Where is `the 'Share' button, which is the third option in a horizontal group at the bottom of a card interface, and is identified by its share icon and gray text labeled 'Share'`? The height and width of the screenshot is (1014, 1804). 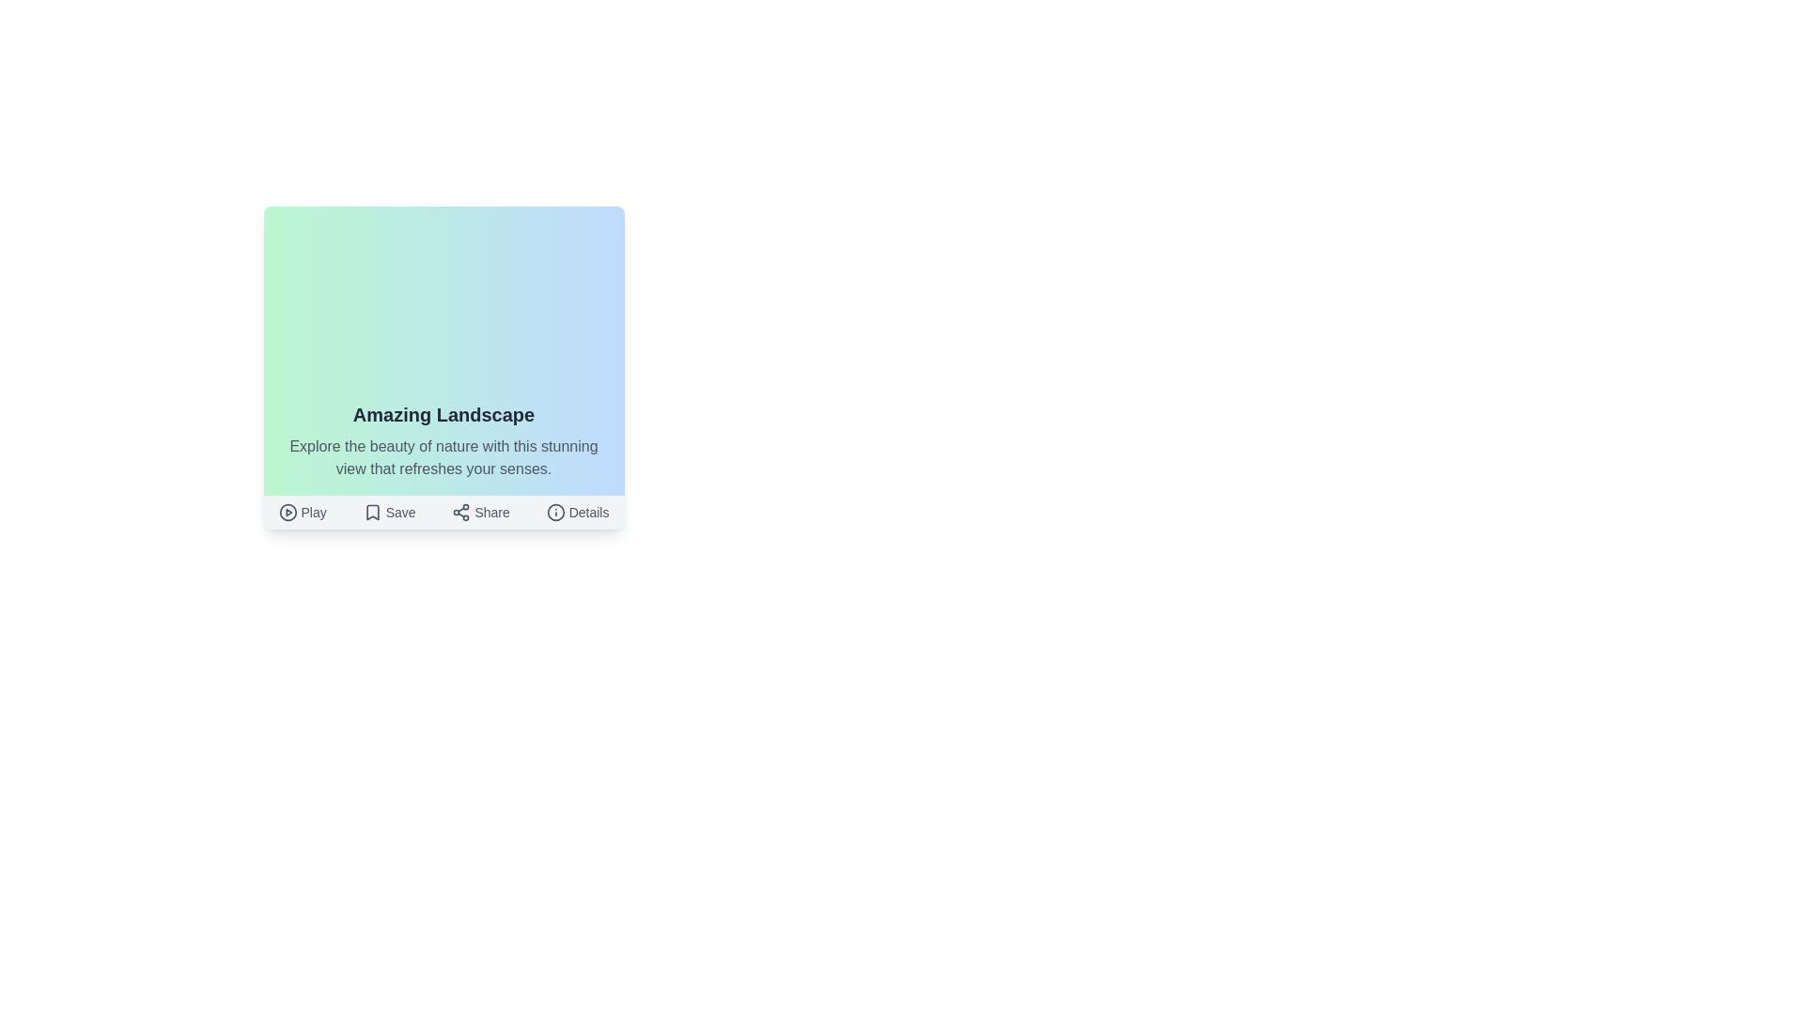 the 'Share' button, which is the third option in a horizontal group at the bottom of a card interface, and is identified by its share icon and gray text labeled 'Share' is located at coordinates (481, 513).